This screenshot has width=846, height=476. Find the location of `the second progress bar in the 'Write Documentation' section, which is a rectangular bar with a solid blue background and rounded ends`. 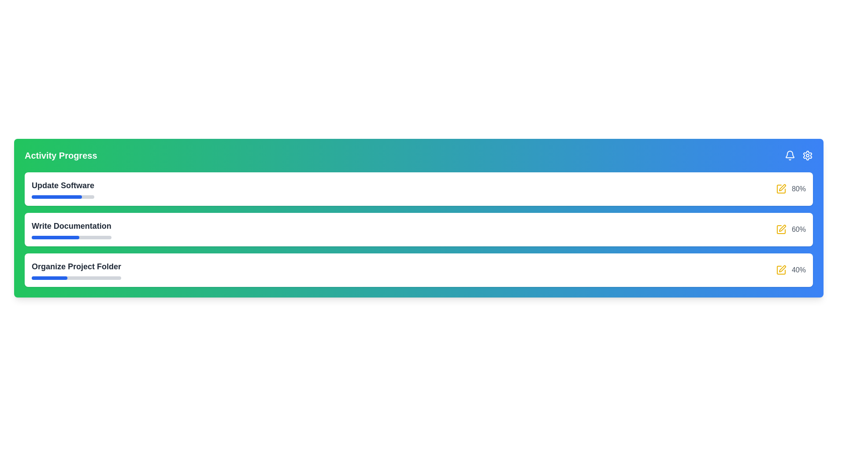

the second progress bar in the 'Write Documentation' section, which is a rectangular bar with a solid blue background and rounded ends is located at coordinates (55, 237).